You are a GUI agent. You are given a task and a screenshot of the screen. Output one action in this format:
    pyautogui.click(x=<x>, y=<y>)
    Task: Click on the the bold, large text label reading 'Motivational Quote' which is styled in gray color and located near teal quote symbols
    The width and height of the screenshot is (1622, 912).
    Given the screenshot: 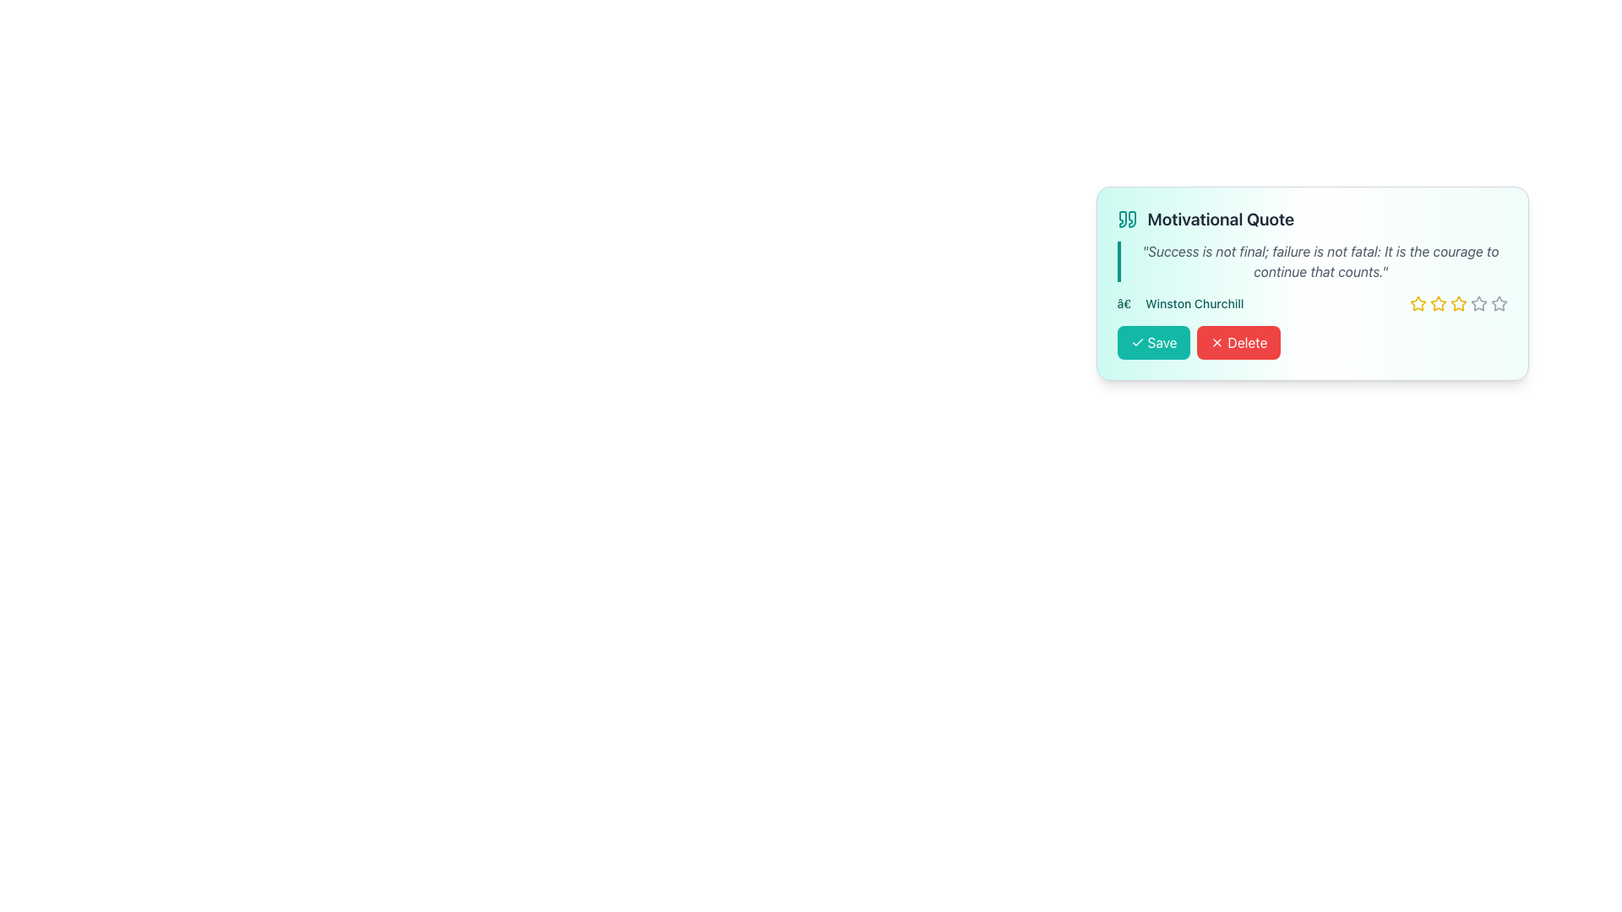 What is the action you would take?
    pyautogui.click(x=1221, y=218)
    